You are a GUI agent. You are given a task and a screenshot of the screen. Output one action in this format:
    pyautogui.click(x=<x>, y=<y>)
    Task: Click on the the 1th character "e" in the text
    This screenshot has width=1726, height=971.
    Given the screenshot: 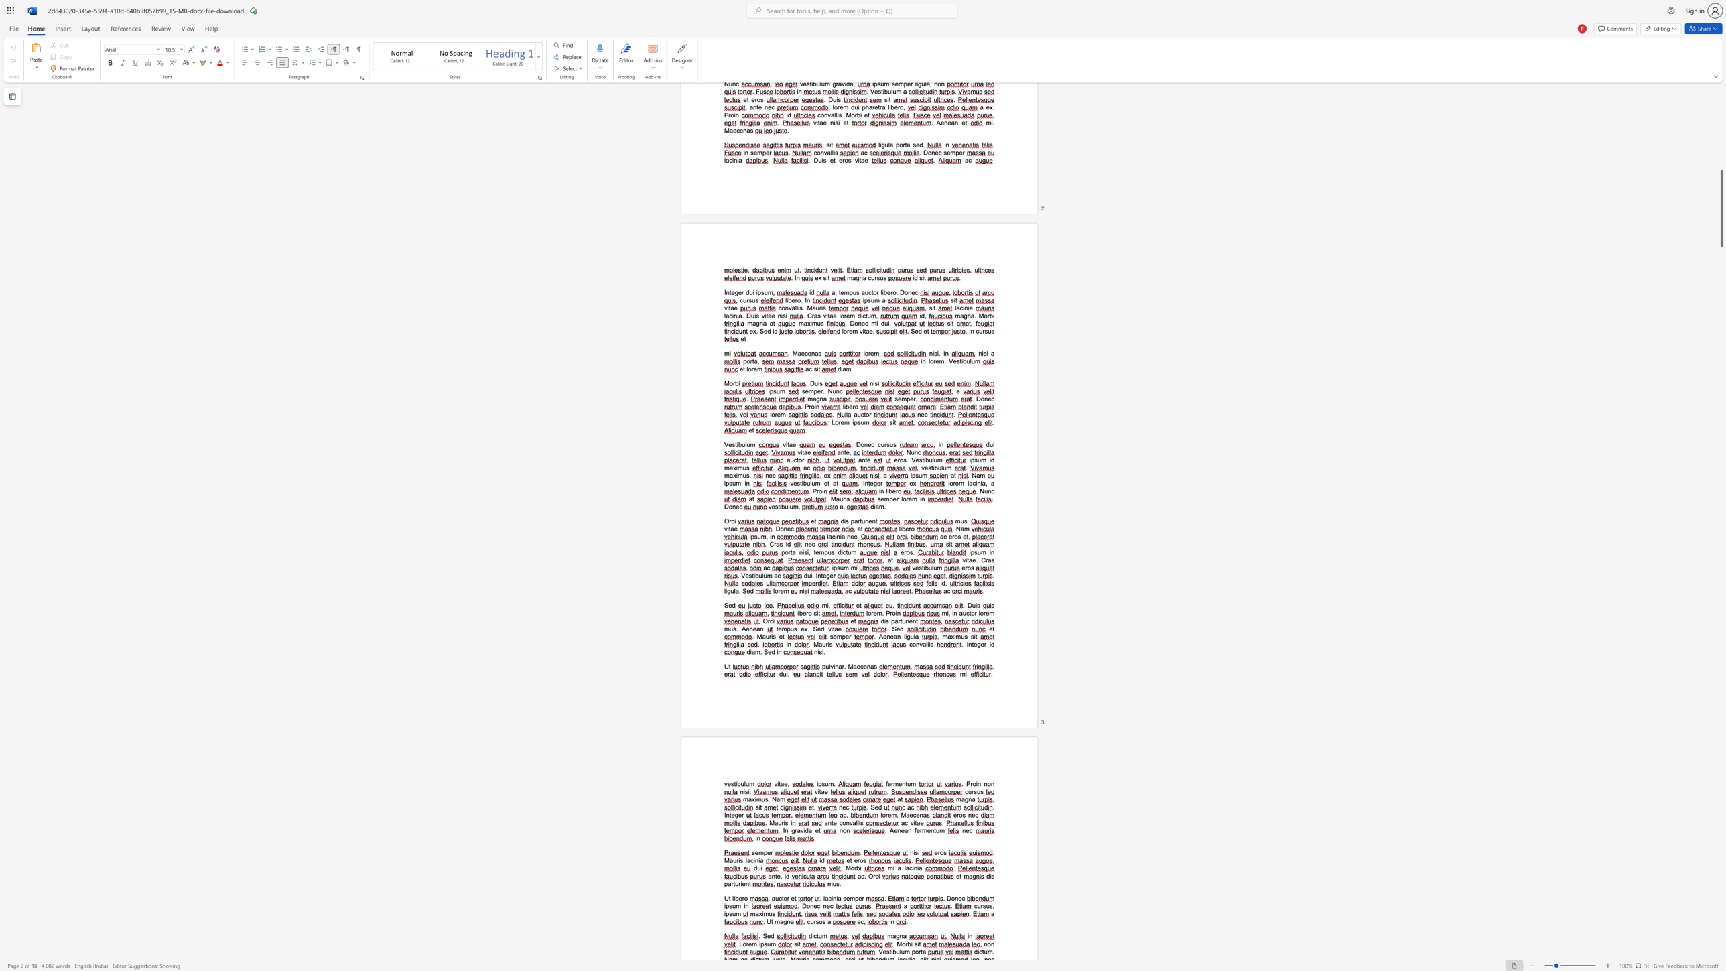 What is the action you would take?
    pyautogui.click(x=895, y=830)
    